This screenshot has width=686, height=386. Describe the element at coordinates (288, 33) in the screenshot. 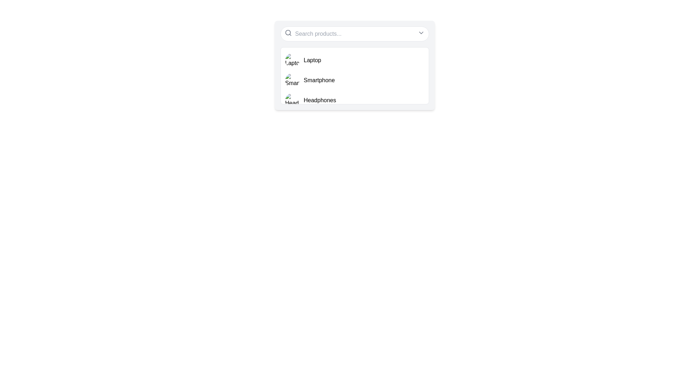

I see `the search icon located at the top-left corner of the search bar, which visually represents the search feature` at that location.